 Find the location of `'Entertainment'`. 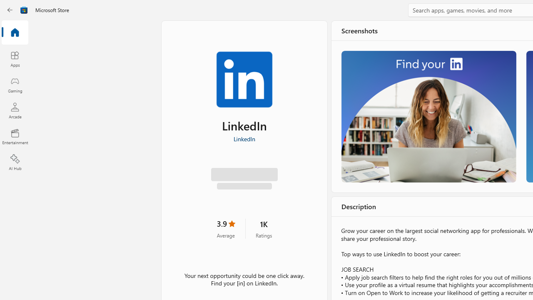

'Entertainment' is located at coordinates (15, 136).